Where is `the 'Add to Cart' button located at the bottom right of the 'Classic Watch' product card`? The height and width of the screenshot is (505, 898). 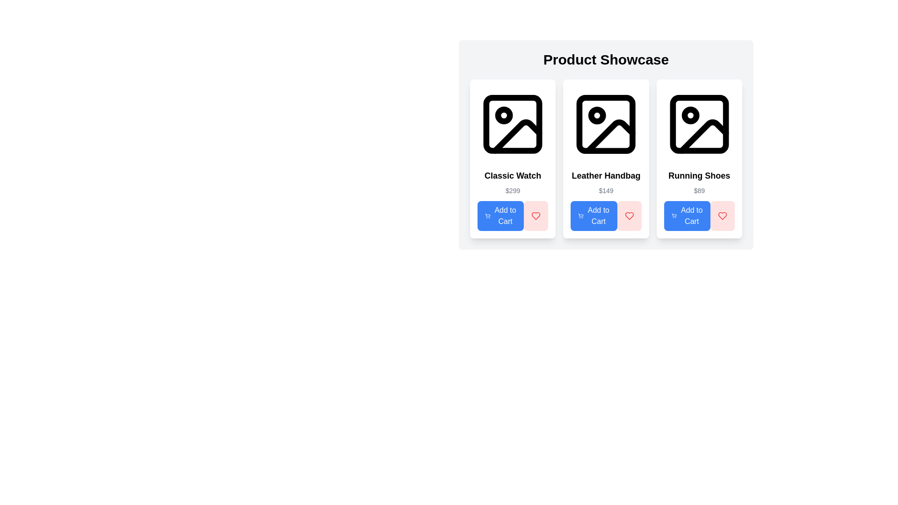 the 'Add to Cart' button located at the bottom right of the 'Classic Watch' product card is located at coordinates (512, 216).